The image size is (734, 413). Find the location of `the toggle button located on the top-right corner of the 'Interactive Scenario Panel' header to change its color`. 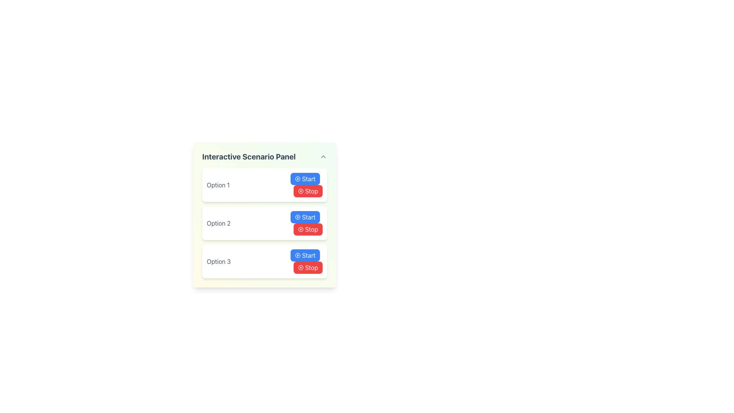

the toggle button located on the top-right corner of the 'Interactive Scenario Panel' header to change its color is located at coordinates (323, 156).